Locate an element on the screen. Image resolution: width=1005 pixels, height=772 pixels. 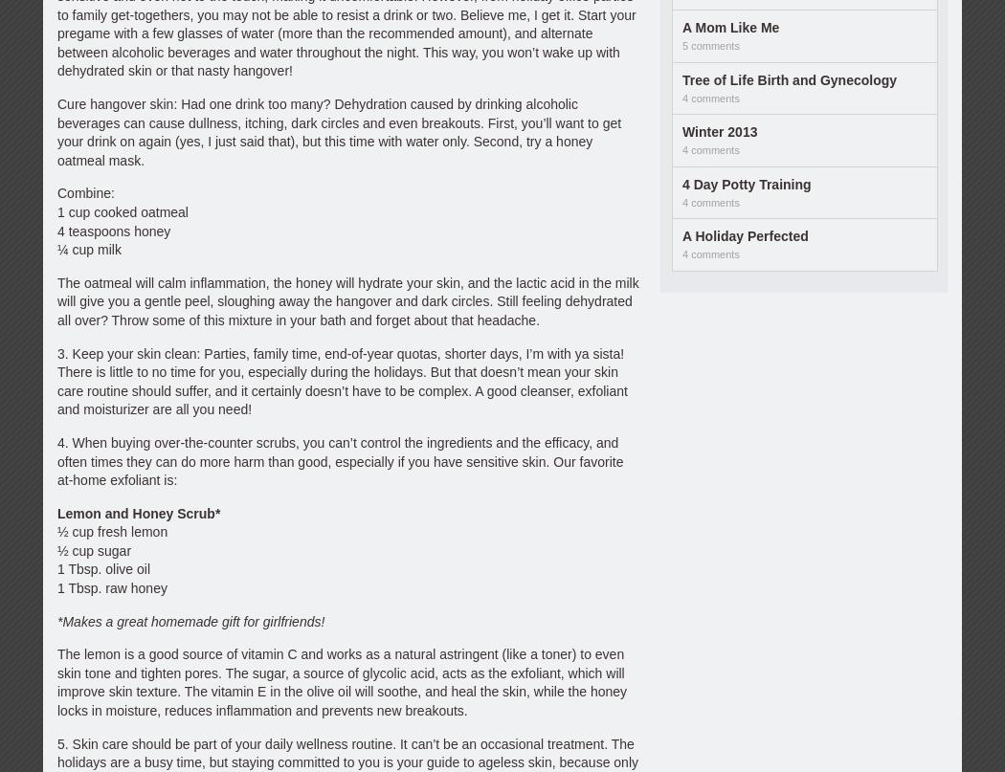
'½ cup sugar' is located at coordinates (94, 548).